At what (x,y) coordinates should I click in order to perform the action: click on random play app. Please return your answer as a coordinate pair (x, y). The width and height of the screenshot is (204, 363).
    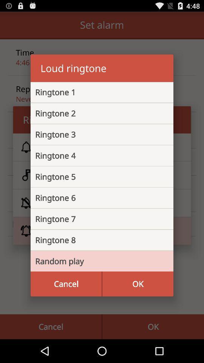
    Looking at the image, I should click on (96, 261).